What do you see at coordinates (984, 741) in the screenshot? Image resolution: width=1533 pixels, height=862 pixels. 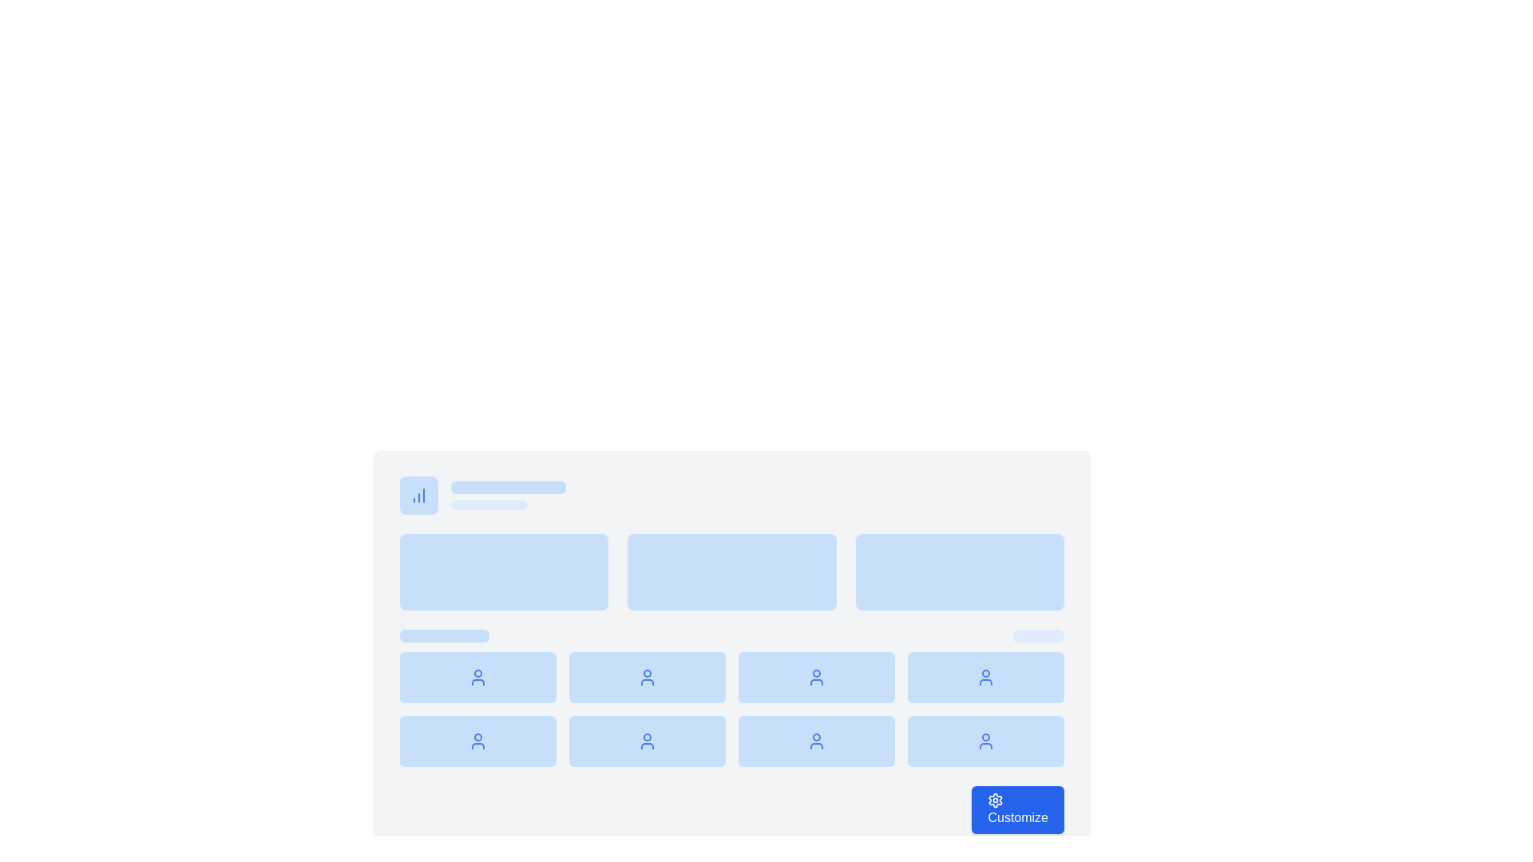 I see `the pulsating card-like UI element with a user icon in the bottom-right of the grid layout` at bounding box center [984, 741].